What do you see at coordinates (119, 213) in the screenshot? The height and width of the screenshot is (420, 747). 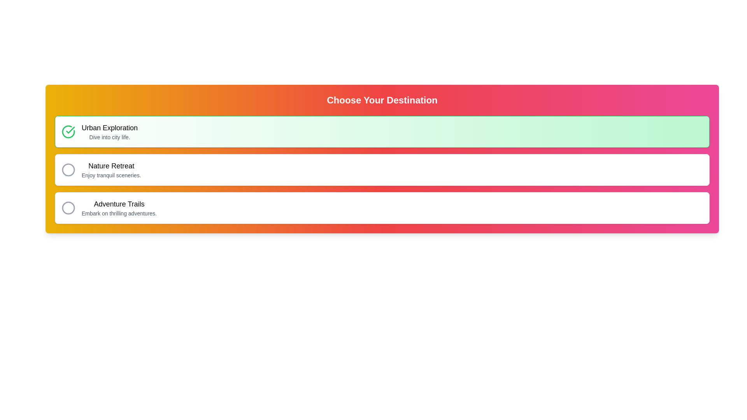 I see `the text label that provides additional details about the 'Adventure Trails' option, located in the third box of the list, centered below the main title` at bounding box center [119, 213].